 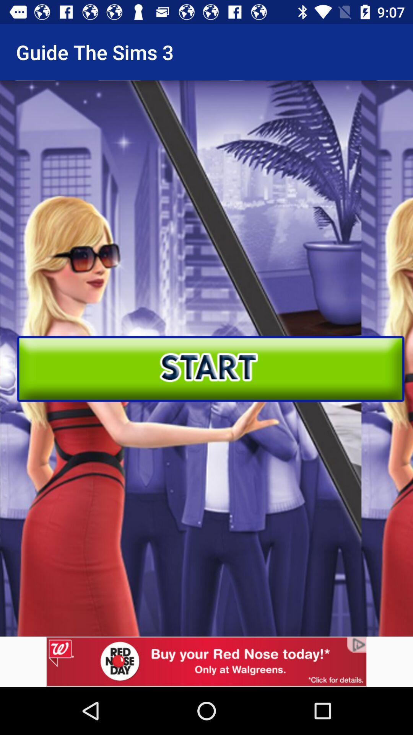 What do you see at coordinates (206, 661) in the screenshot?
I see `open the advertisements` at bounding box center [206, 661].